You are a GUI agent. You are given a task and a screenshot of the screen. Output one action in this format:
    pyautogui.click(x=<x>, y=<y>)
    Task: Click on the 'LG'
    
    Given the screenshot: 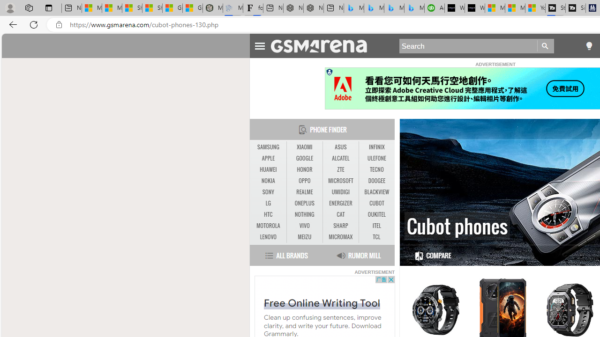 What is the action you would take?
    pyautogui.click(x=268, y=203)
    